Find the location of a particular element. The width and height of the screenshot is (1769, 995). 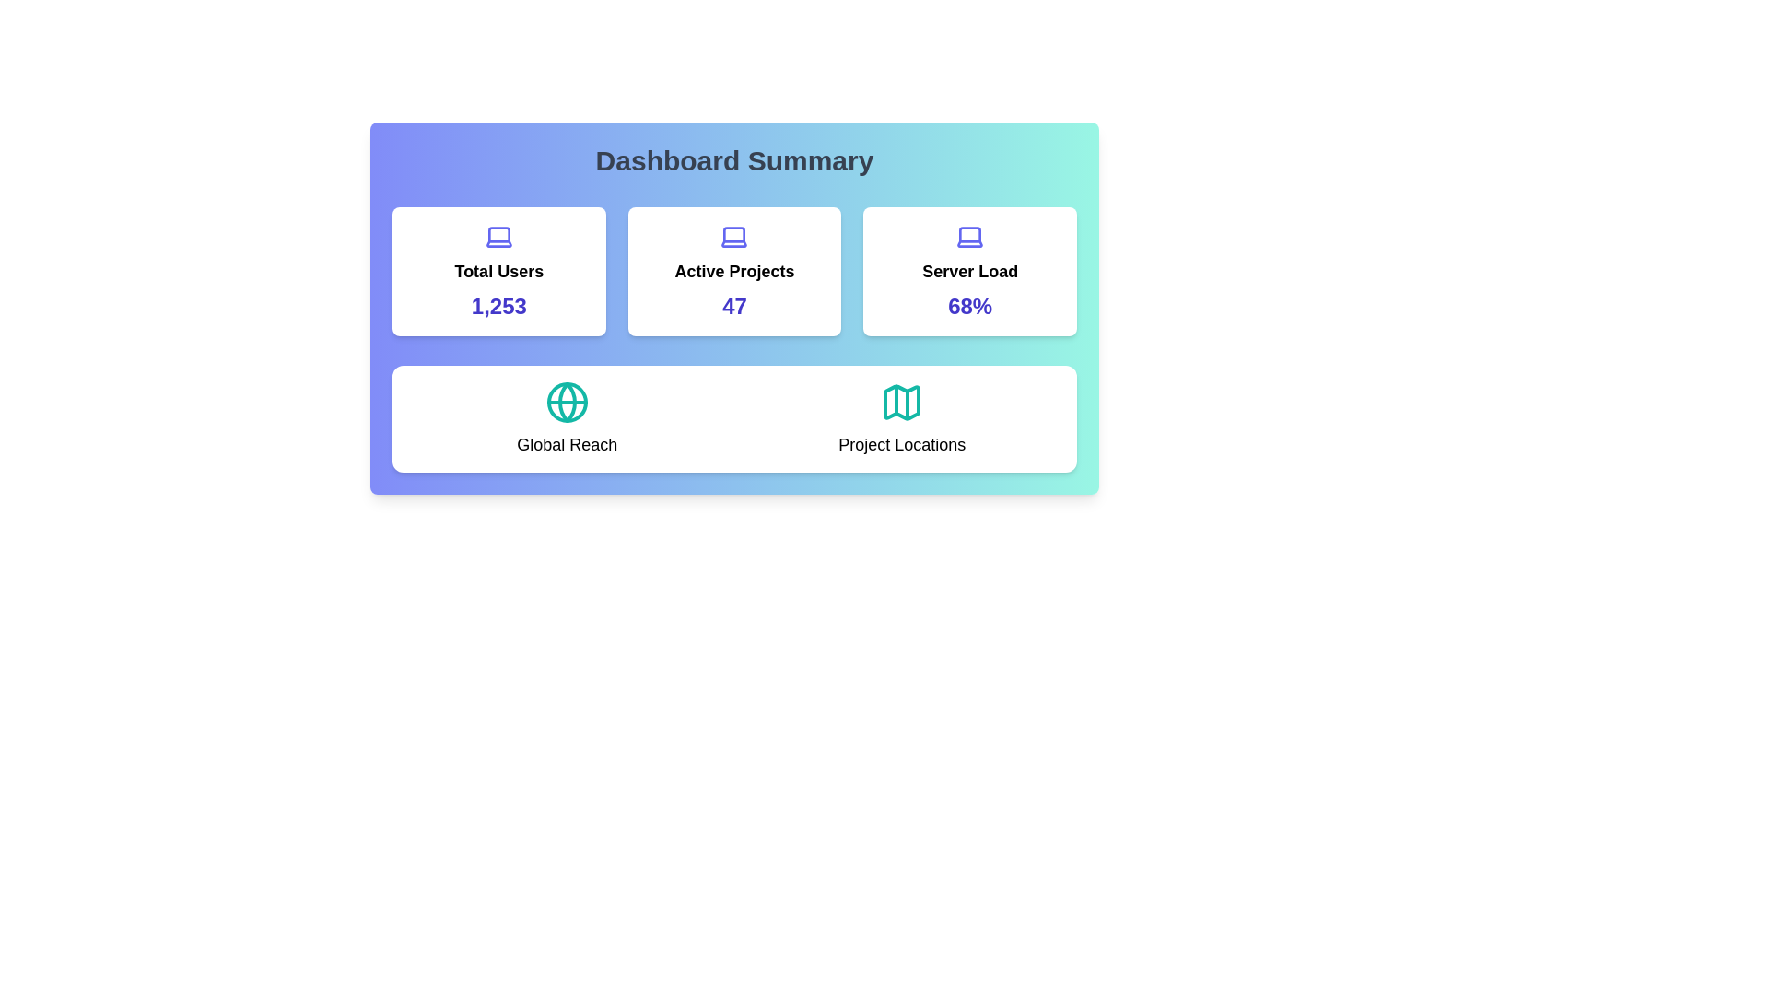

the stylized globe icon located above the text label 'Global Reach' in the lower left section of the dashboard interface is located at coordinates (566, 401).